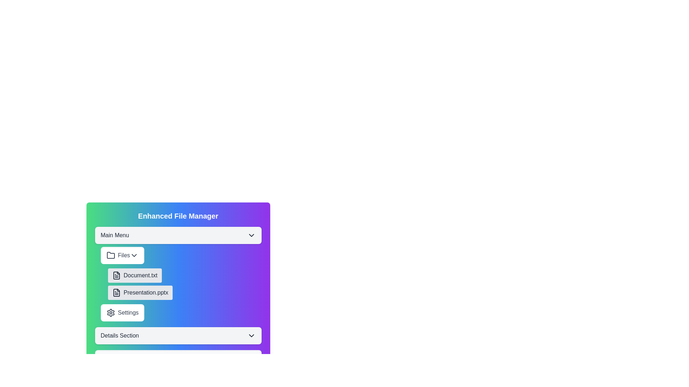 The image size is (689, 387). Describe the element at coordinates (122, 255) in the screenshot. I see `the 'Files' expandable button` at that location.